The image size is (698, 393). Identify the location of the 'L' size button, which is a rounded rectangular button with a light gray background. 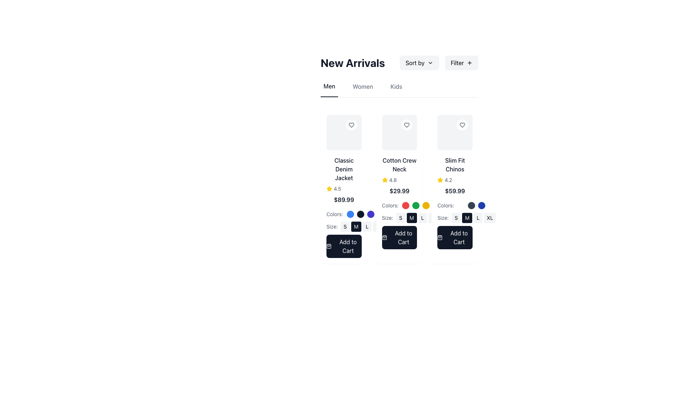
(478, 217).